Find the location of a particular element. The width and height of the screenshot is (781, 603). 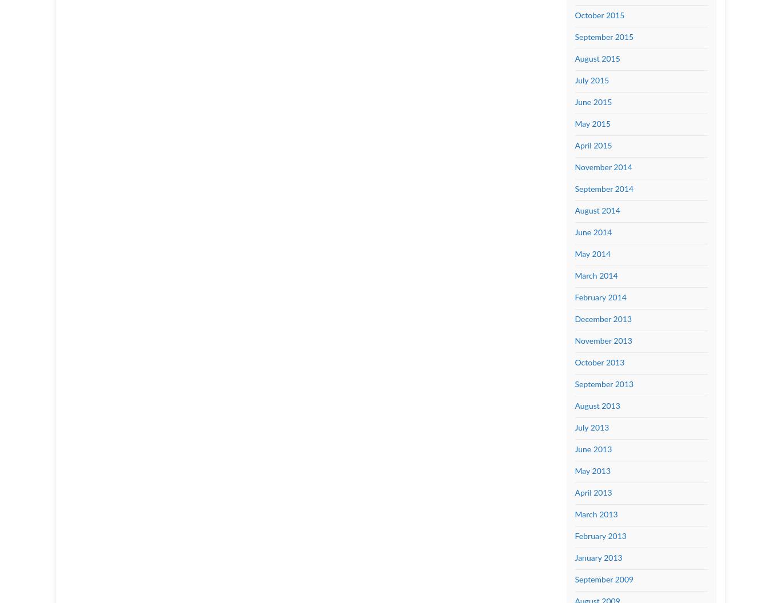

'March 2013' is located at coordinates (595, 513).